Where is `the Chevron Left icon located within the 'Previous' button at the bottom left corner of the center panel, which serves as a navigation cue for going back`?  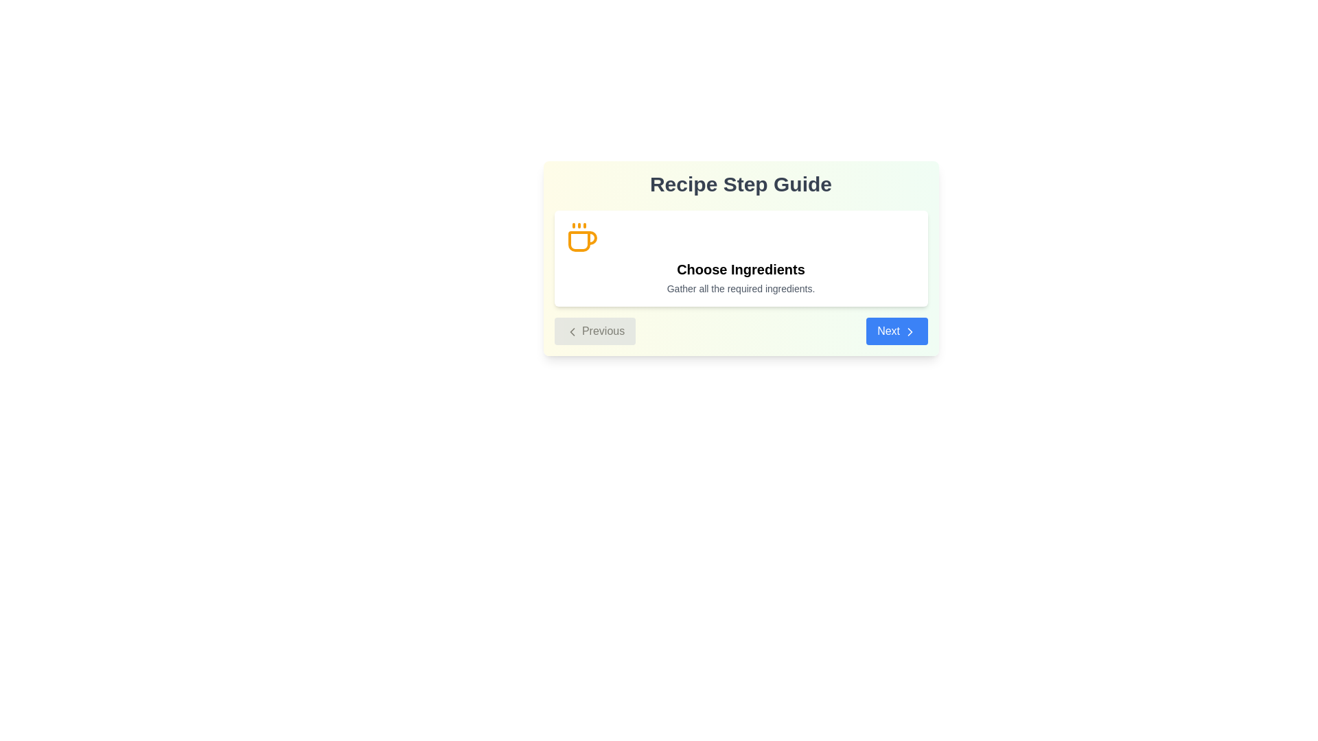 the Chevron Left icon located within the 'Previous' button at the bottom left corner of the center panel, which serves as a navigation cue for going back is located at coordinates (572, 331).